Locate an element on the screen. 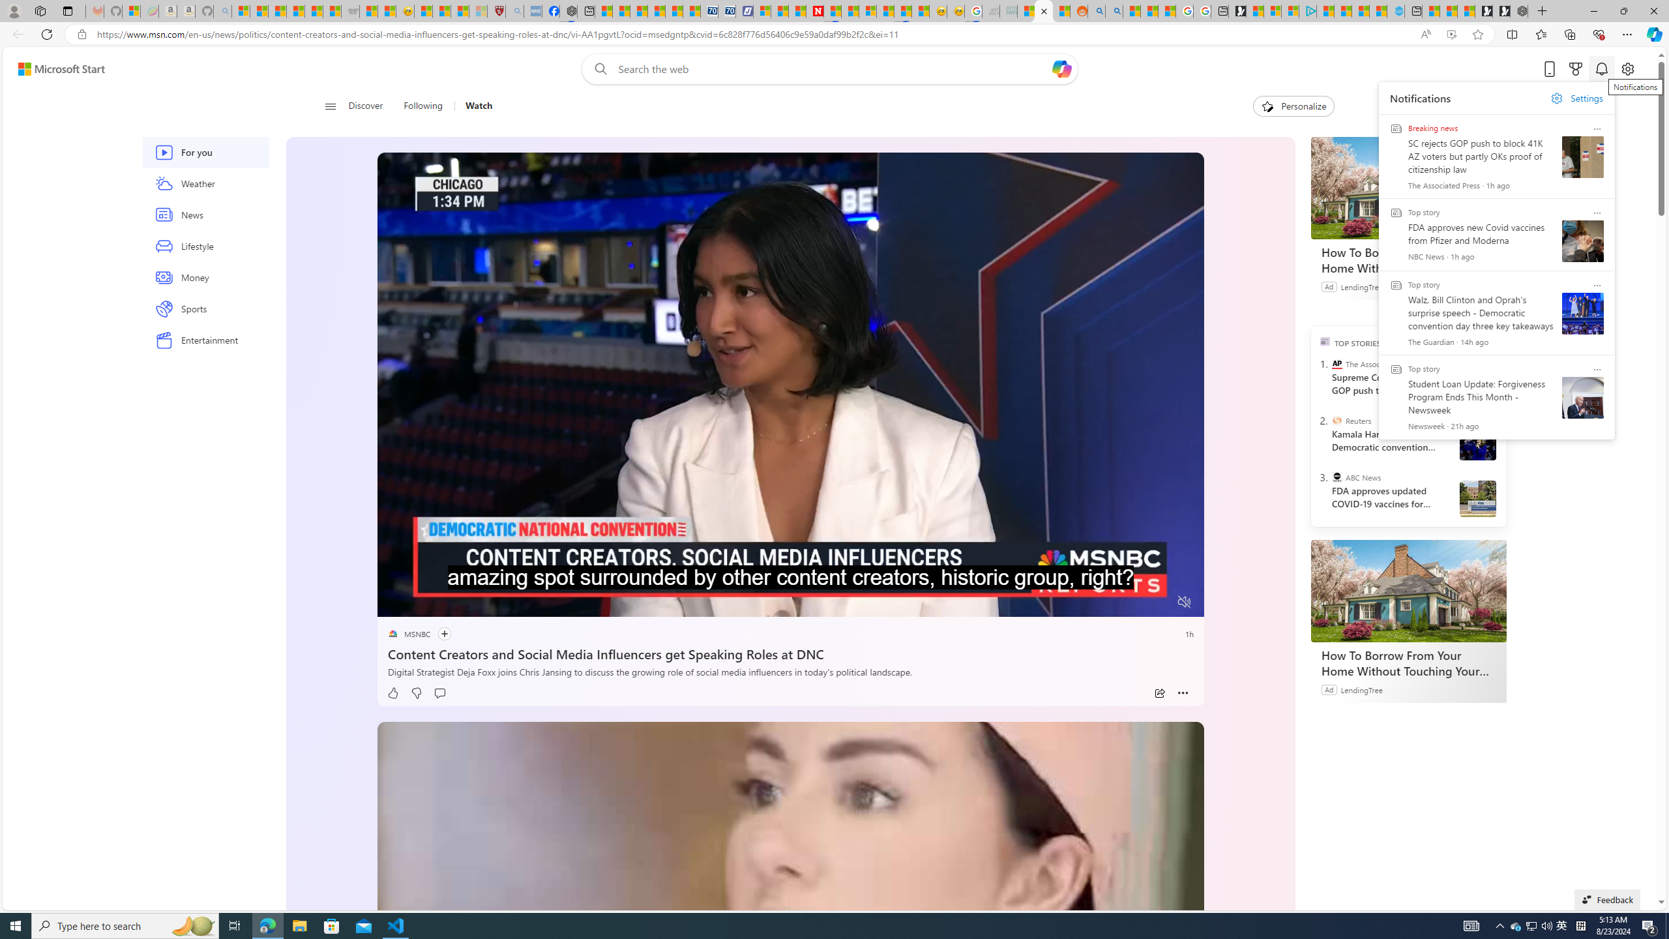 The width and height of the screenshot is (1669, 939). 'Watch' is located at coordinates (473, 106).